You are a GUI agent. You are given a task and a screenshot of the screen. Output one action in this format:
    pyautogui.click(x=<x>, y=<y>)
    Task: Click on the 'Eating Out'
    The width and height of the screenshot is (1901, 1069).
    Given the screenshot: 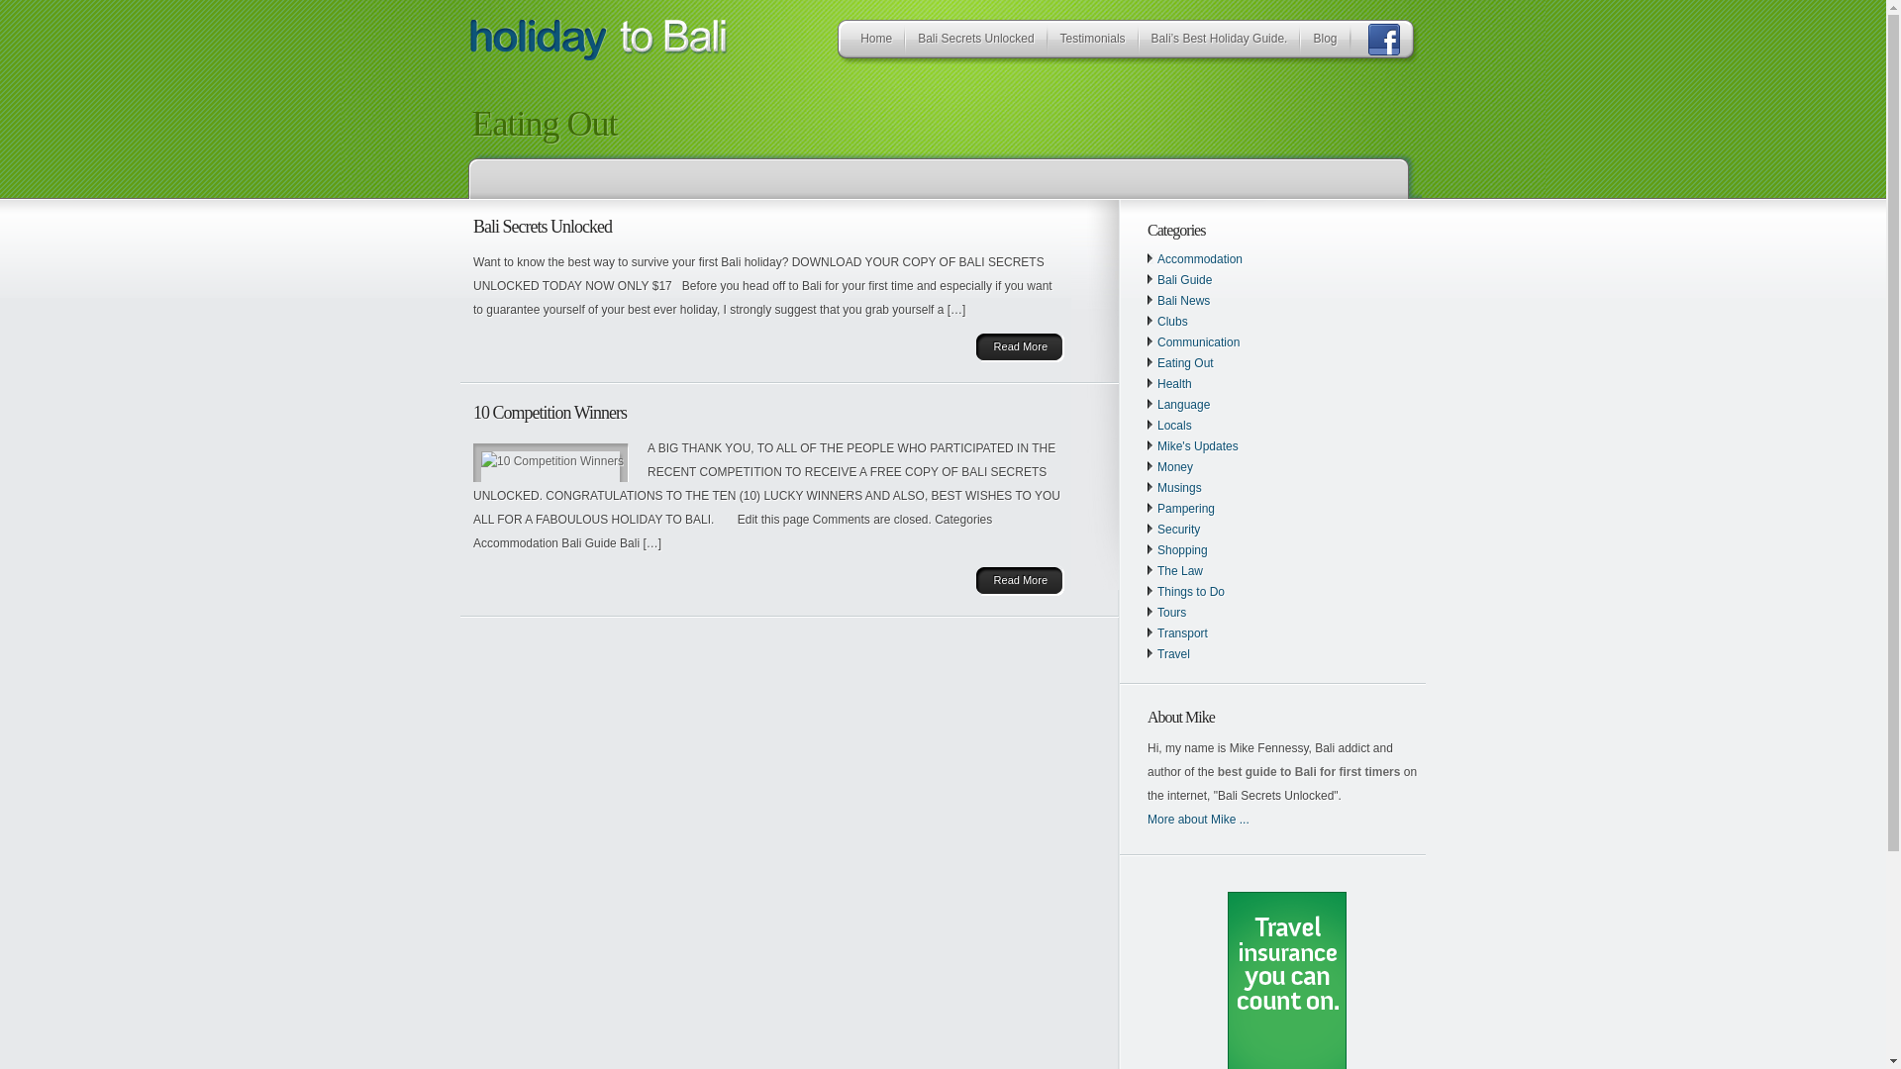 What is the action you would take?
    pyautogui.click(x=1185, y=362)
    